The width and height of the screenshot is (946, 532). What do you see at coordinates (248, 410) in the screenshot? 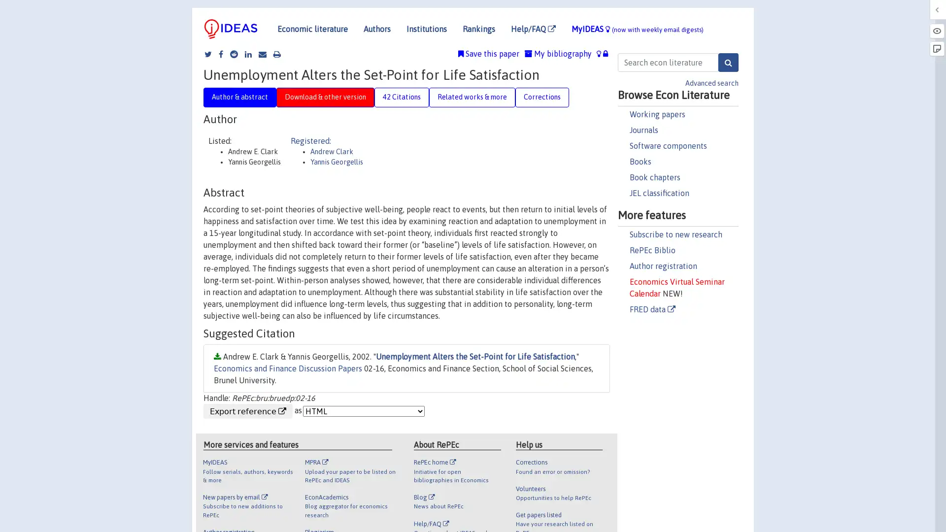
I see `Export reference` at bounding box center [248, 410].